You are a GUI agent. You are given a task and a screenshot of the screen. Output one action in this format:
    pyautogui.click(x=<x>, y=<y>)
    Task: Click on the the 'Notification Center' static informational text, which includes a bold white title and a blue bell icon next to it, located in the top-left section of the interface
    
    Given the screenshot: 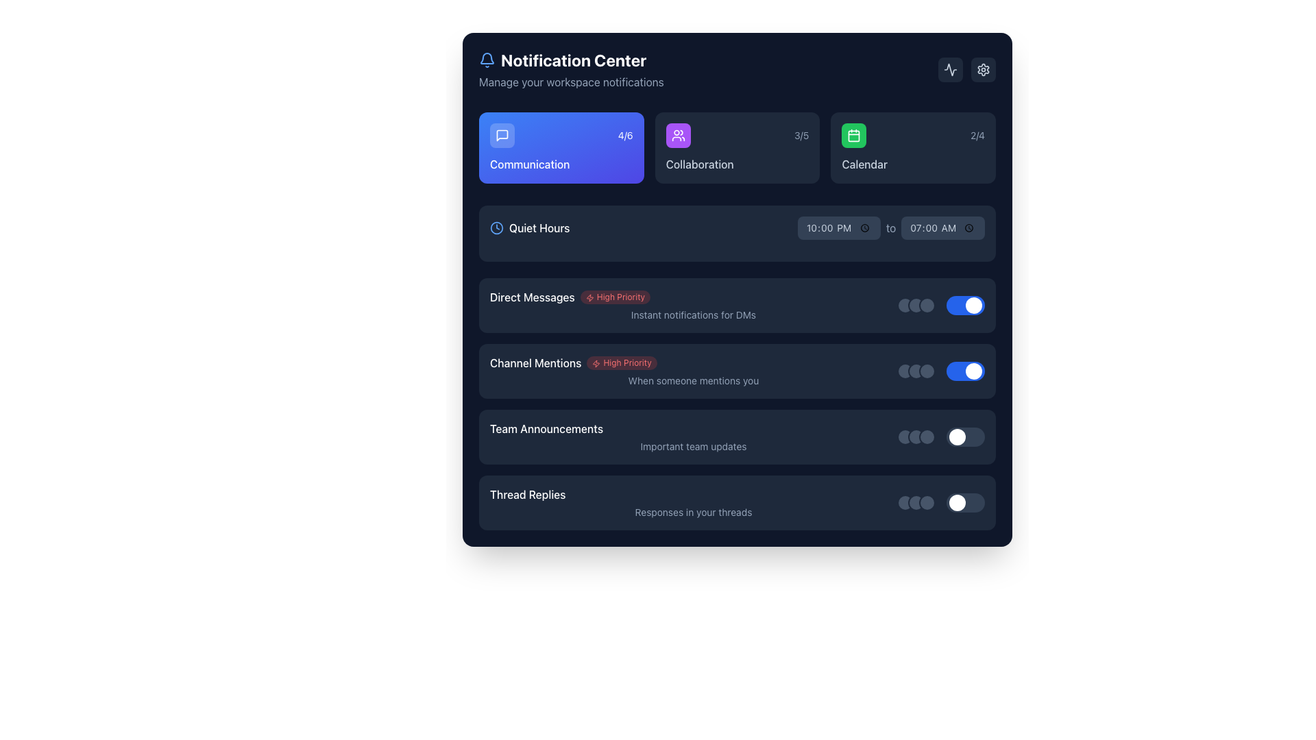 What is the action you would take?
    pyautogui.click(x=571, y=69)
    